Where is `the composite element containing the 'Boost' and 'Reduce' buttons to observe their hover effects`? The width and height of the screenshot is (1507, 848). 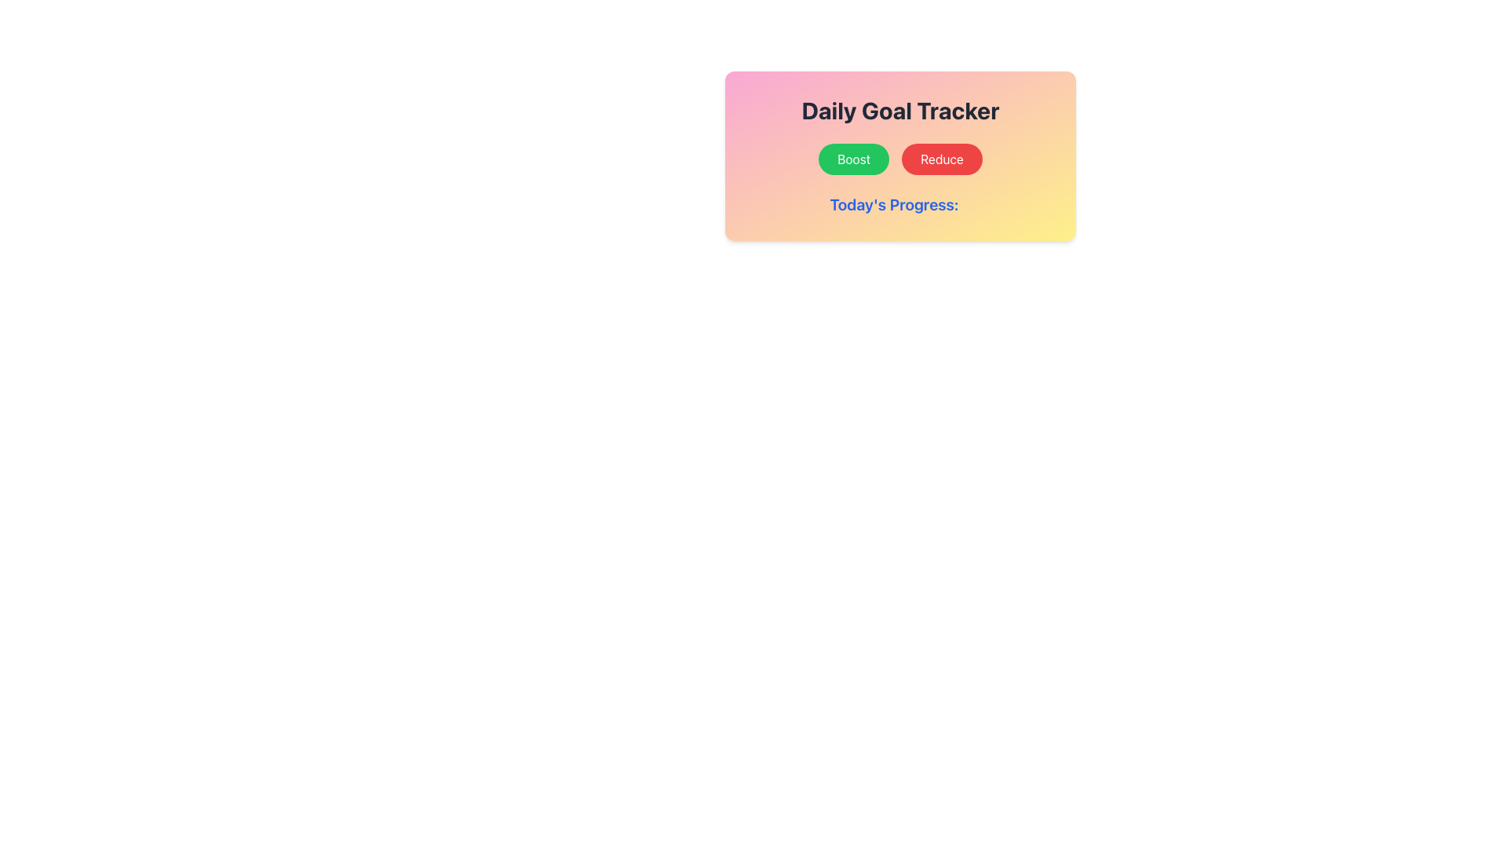
the composite element containing the 'Boost' and 'Reduce' buttons to observe their hover effects is located at coordinates (900, 159).